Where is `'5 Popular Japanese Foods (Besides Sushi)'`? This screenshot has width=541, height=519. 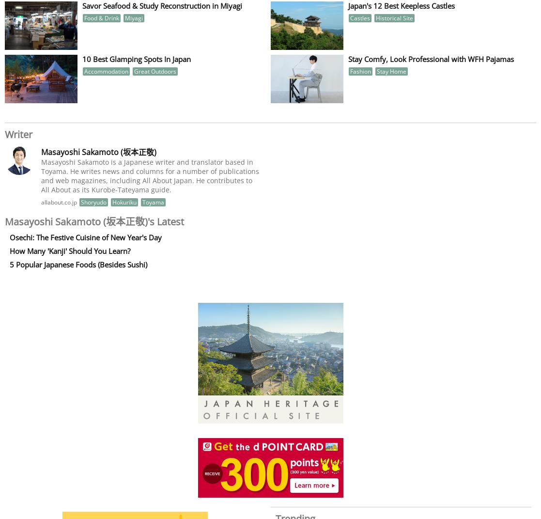
'5 Popular Japanese Foods (Besides Sushi)' is located at coordinates (78, 264).